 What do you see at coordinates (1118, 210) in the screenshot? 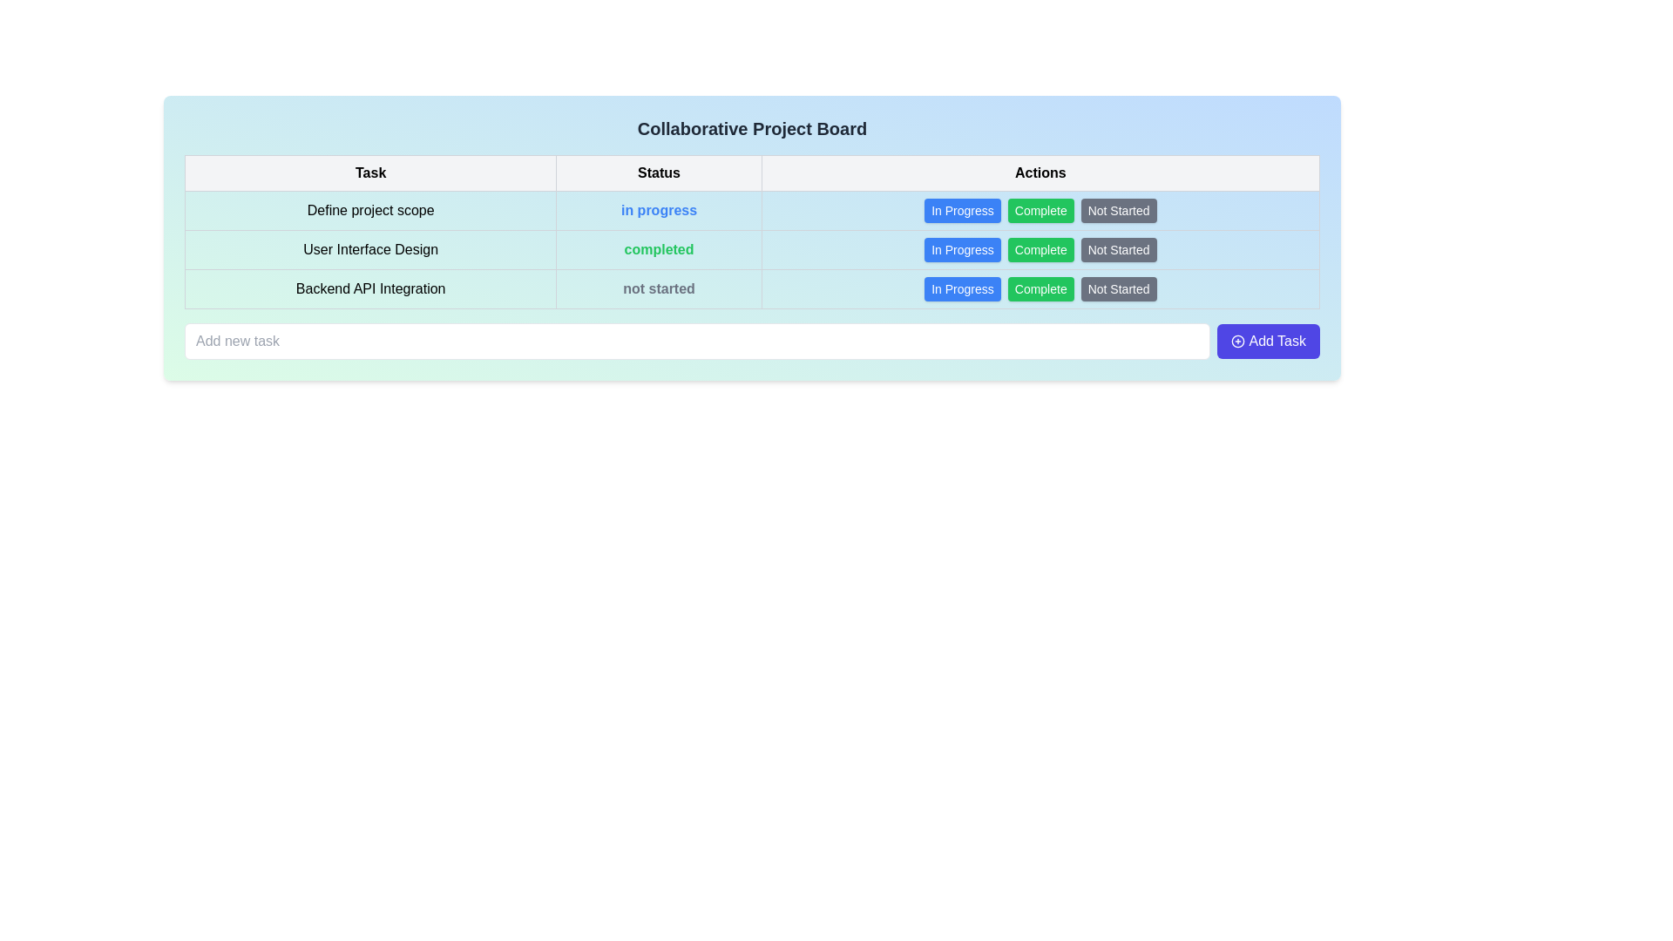
I see `the rectangular button labeled 'Not Started' with white text on a dark gray background` at bounding box center [1118, 210].